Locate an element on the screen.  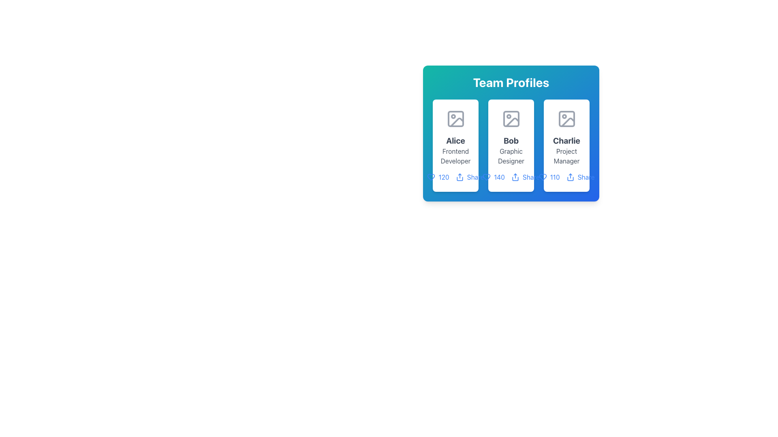
text label that indicates the profession or role of 'Bob', located beneath the 'Bob' title in the second column of user profile cards is located at coordinates (511, 156).